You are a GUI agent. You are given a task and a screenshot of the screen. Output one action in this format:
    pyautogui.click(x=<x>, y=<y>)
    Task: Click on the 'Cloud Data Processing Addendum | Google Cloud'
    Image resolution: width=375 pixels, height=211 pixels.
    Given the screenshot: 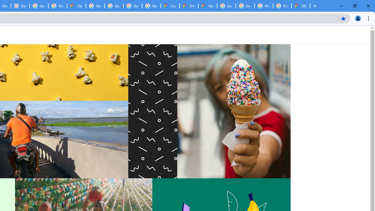 What is the action you would take?
    pyautogui.click(x=76, y=6)
    